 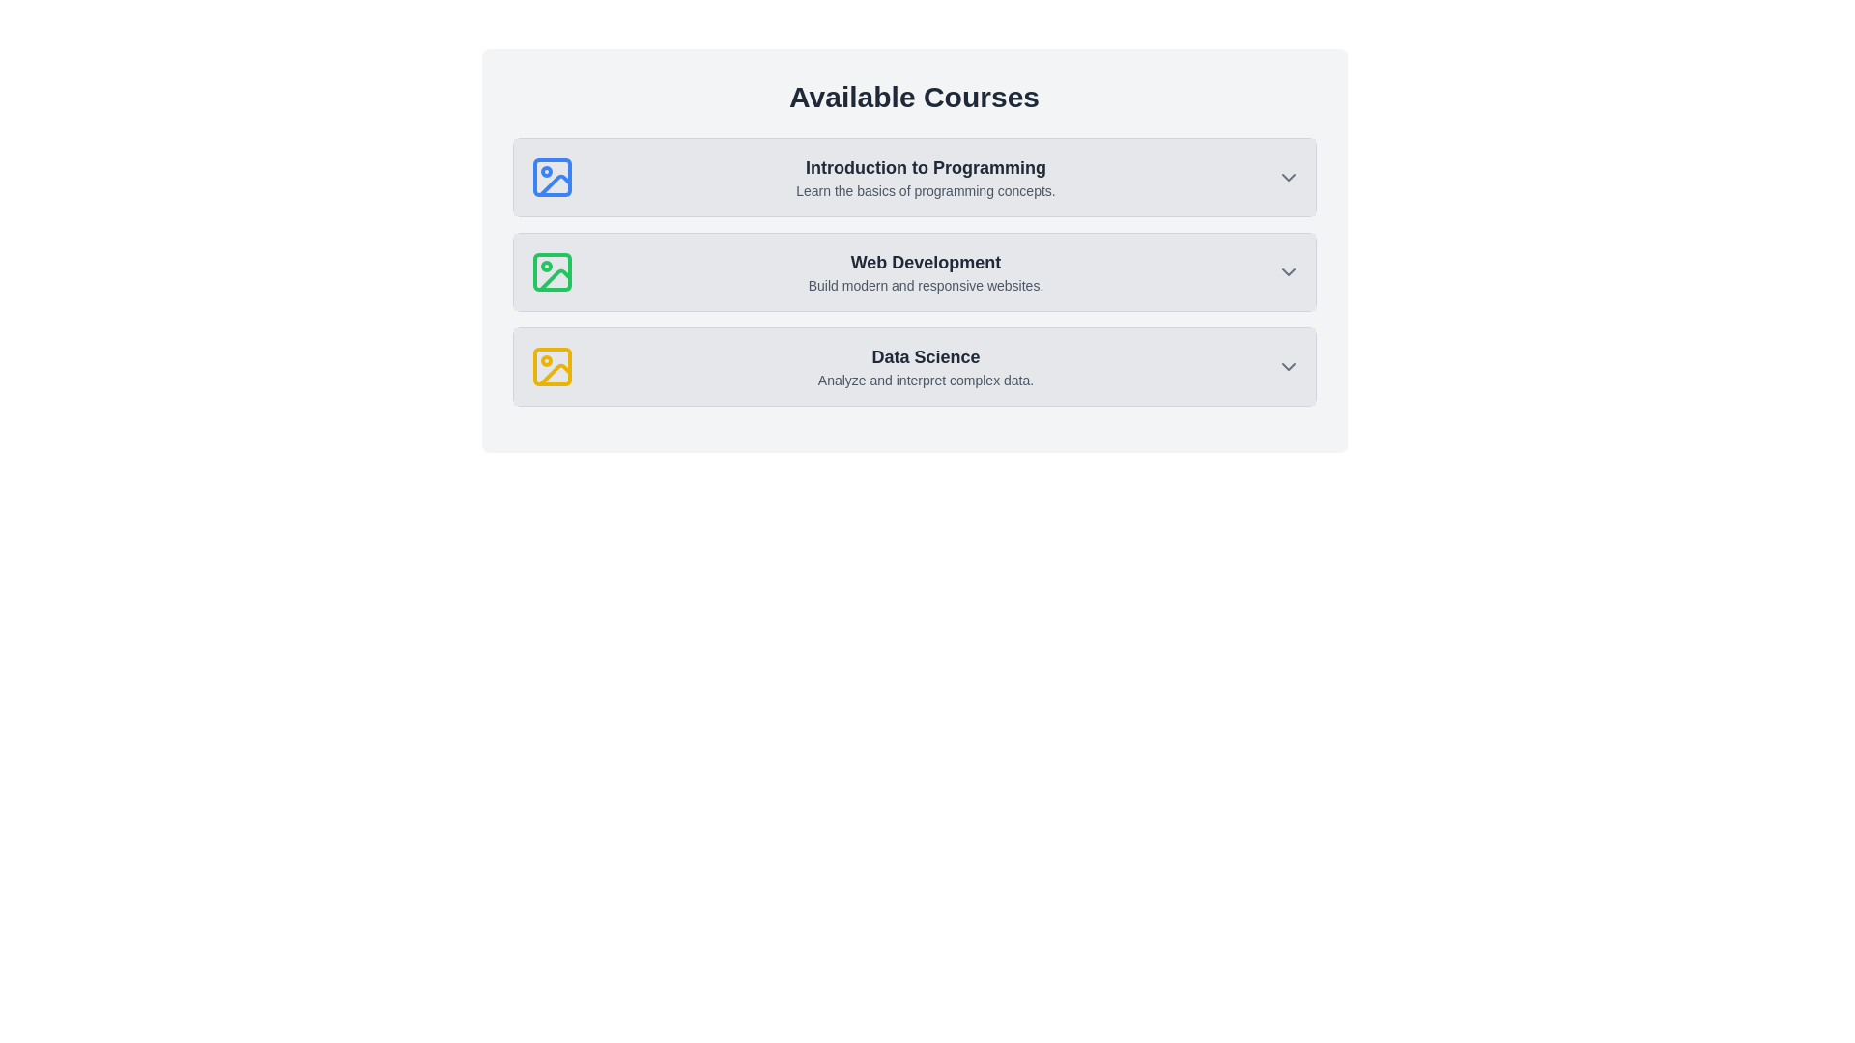 What do you see at coordinates (925, 178) in the screenshot?
I see `informational text block for the course titled 'Introduction to Programming', which is the first item in the 'Available Courses' list` at bounding box center [925, 178].